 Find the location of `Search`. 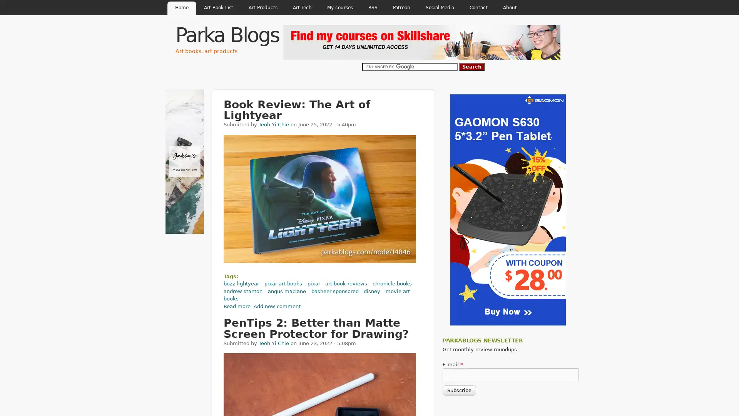

Search is located at coordinates (471, 66).